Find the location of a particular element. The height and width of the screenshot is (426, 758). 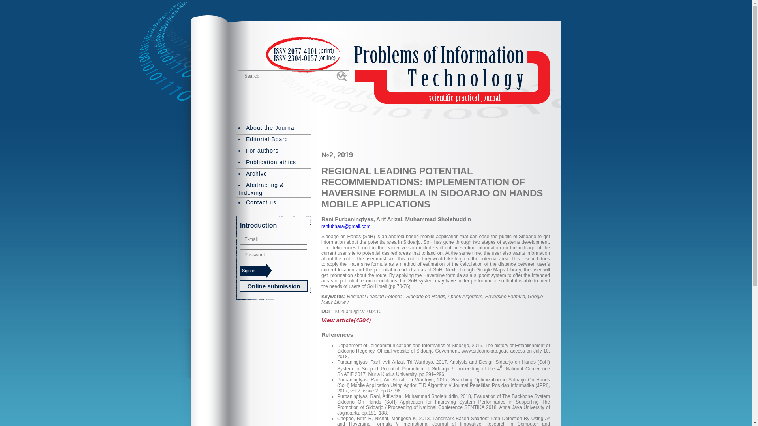

'Archive' is located at coordinates (274, 173).